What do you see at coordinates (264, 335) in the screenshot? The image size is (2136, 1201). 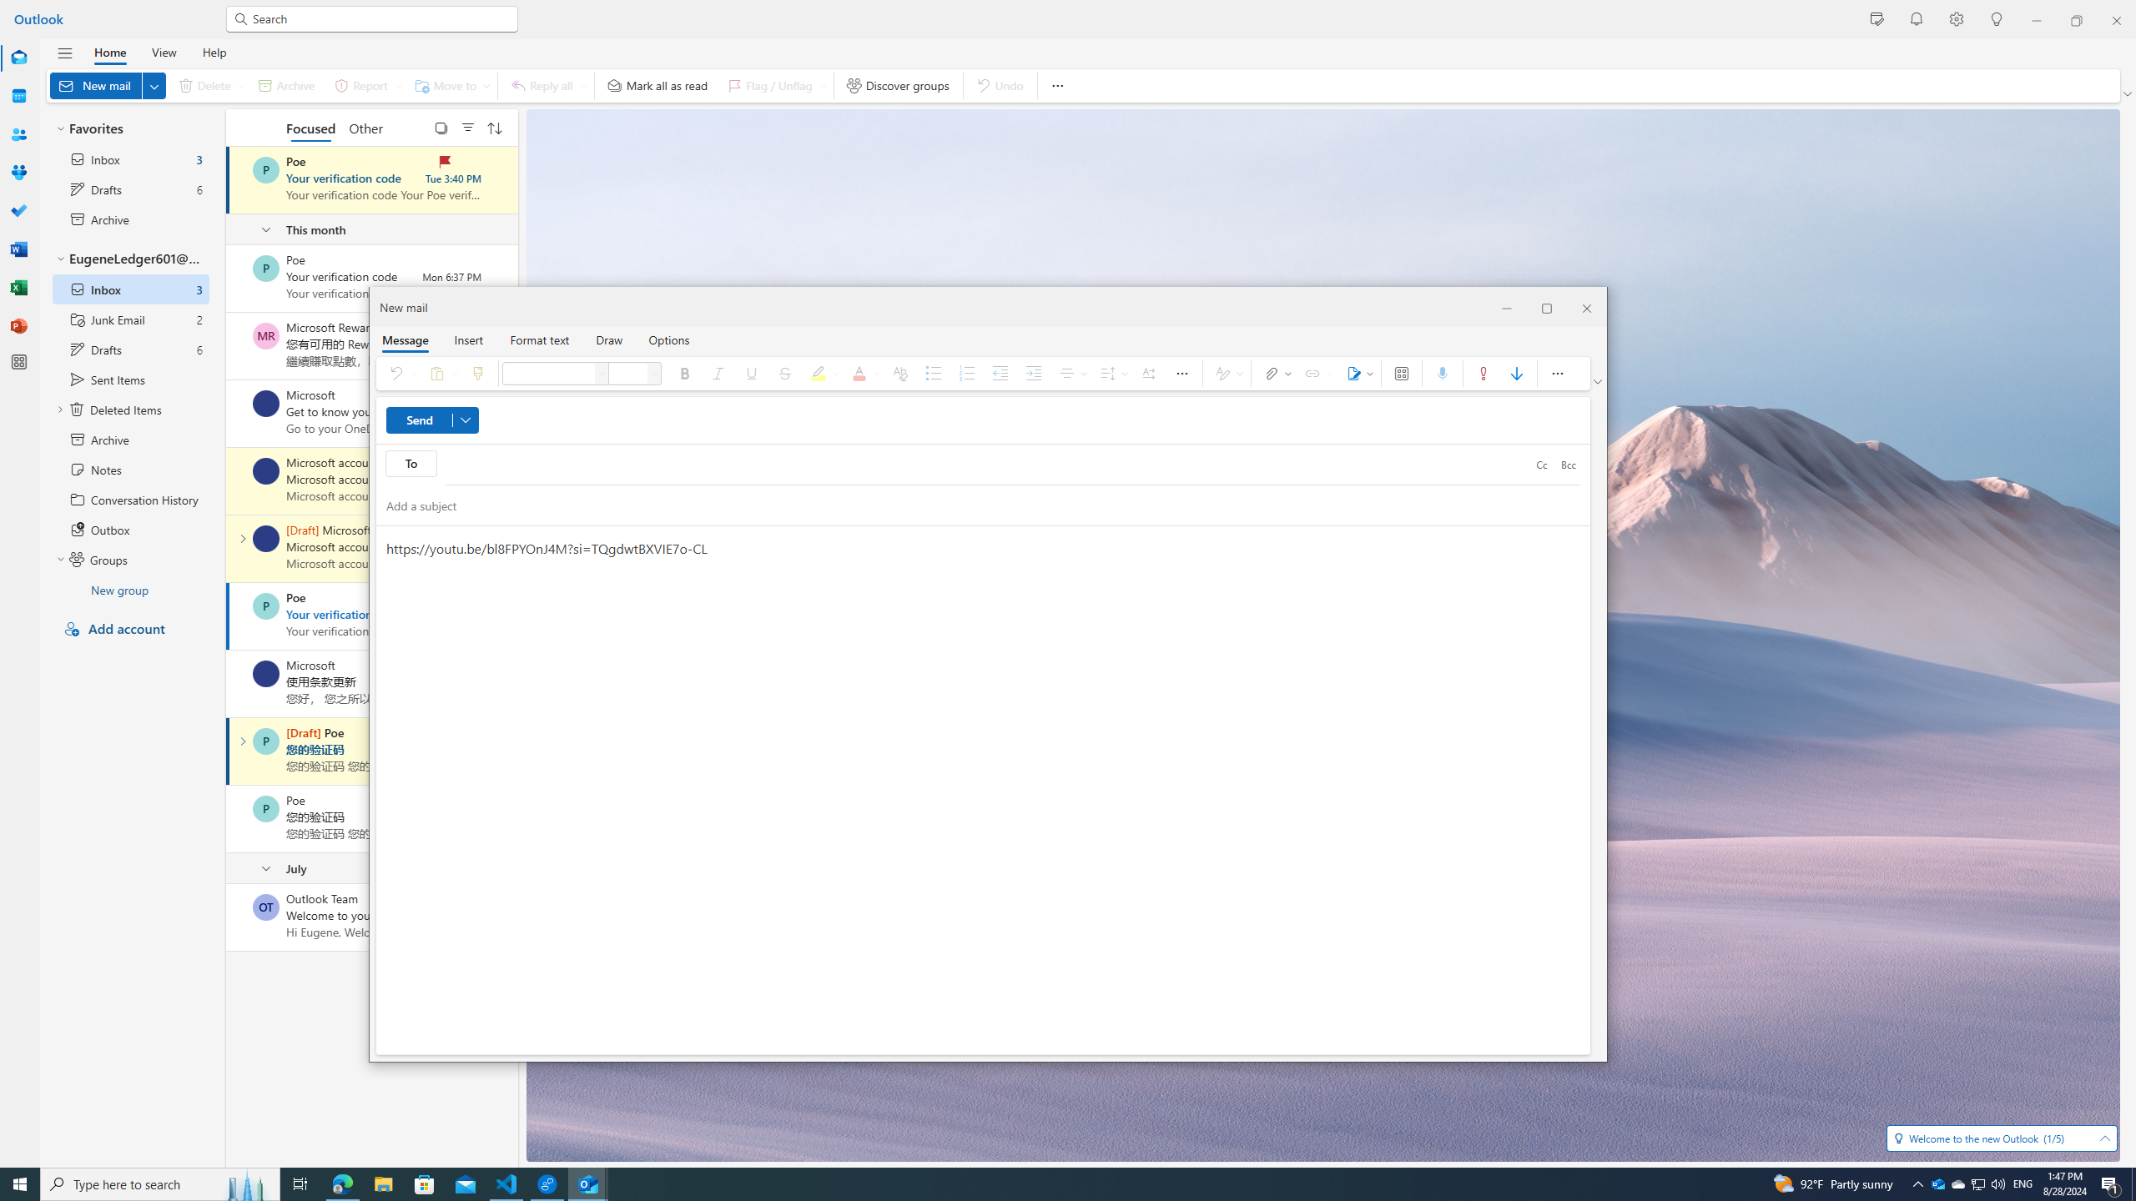 I see `'Microsoft Rewards'` at bounding box center [264, 335].